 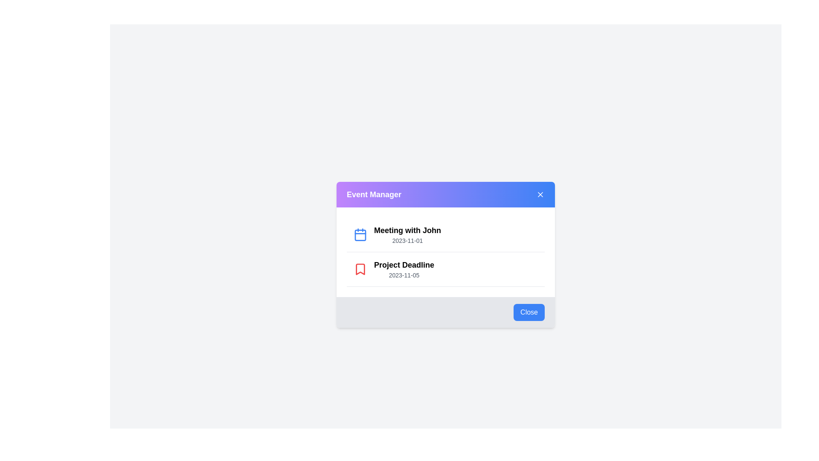 What do you see at coordinates (360, 235) in the screenshot?
I see `the calendar icon next to the event` at bounding box center [360, 235].